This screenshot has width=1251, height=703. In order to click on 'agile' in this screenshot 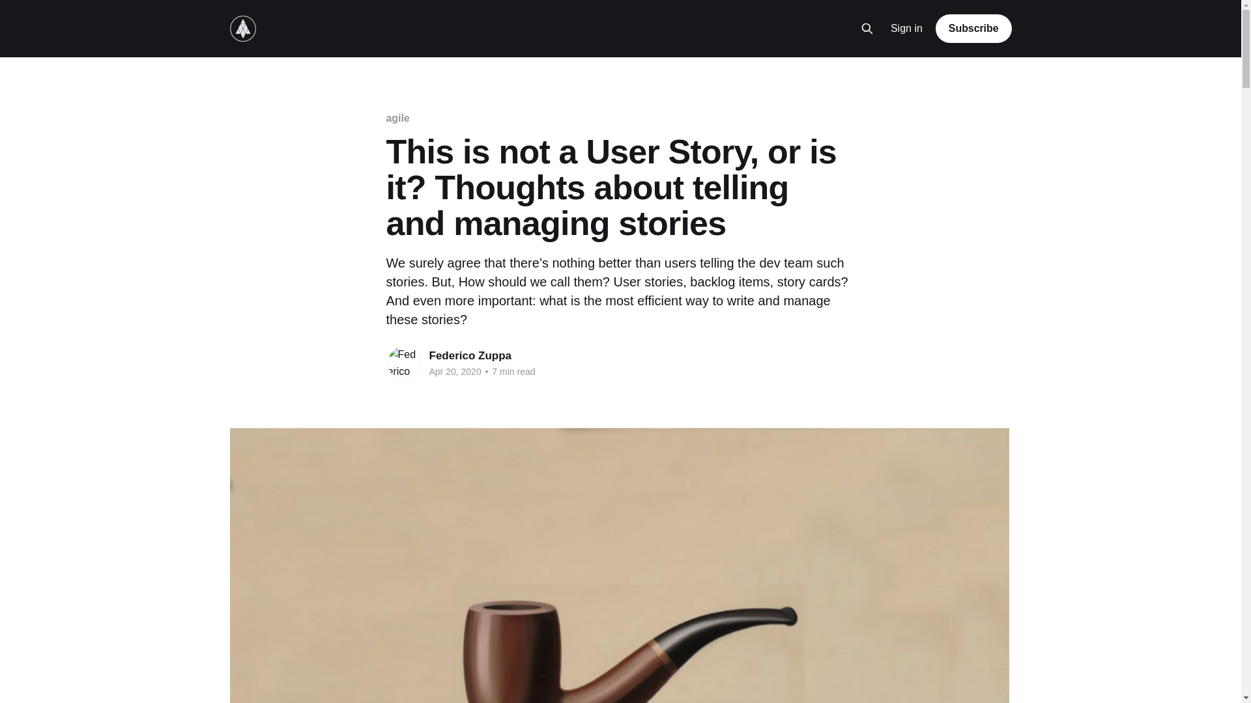, I will do `click(396, 118)`.